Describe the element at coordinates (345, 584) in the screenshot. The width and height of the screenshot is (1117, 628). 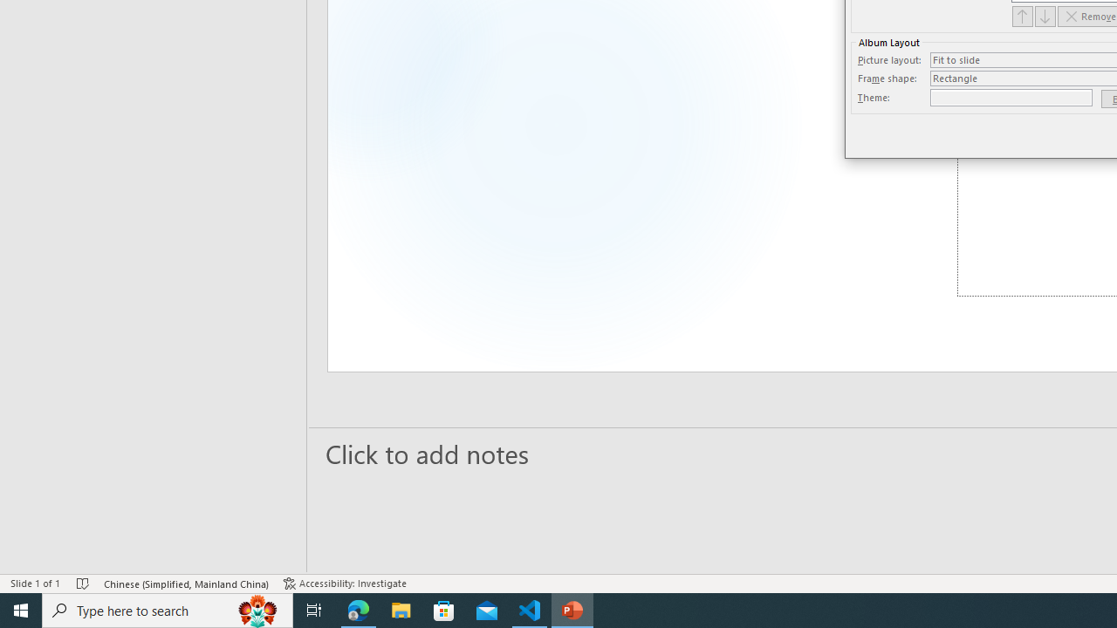
I see `'Accessibility Checker Accessibility: Investigate'` at that location.